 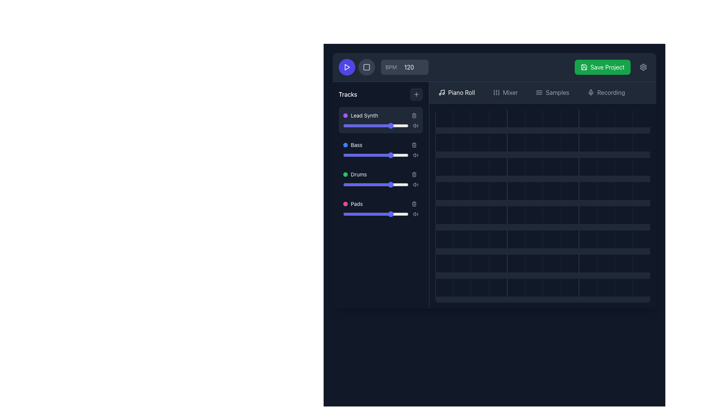 What do you see at coordinates (605, 239) in the screenshot?
I see `the grid cell located in the 11th column of the 6th row of the piano roll UI, which is a dark rectangular box with a gray background` at bounding box center [605, 239].